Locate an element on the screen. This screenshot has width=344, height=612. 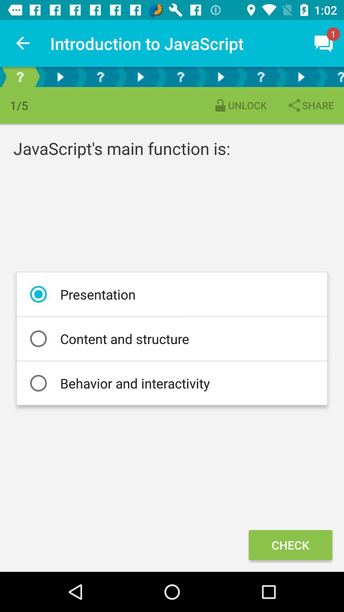
icon to the left of introduction to javascript is located at coordinates (23, 43).